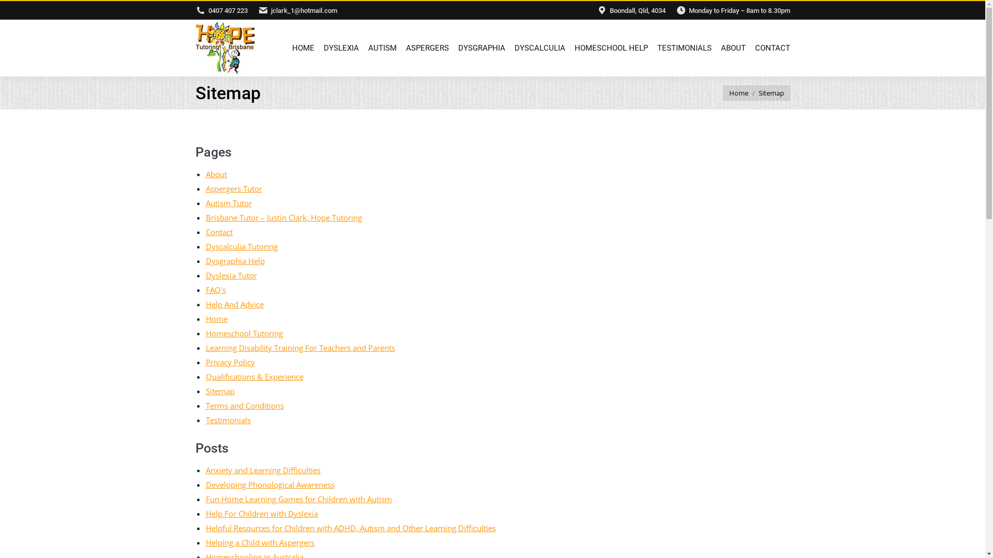 Image resolution: width=993 pixels, height=558 pixels. I want to click on 'Qualifications & Experience', so click(254, 377).